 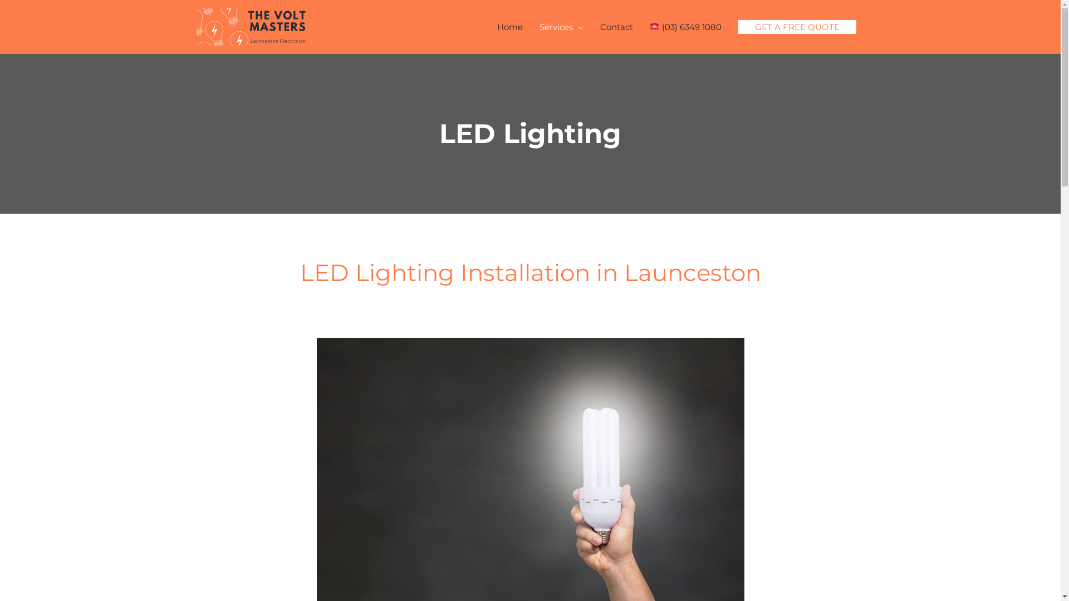 What do you see at coordinates (489, 26) in the screenshot?
I see `'Home'` at bounding box center [489, 26].